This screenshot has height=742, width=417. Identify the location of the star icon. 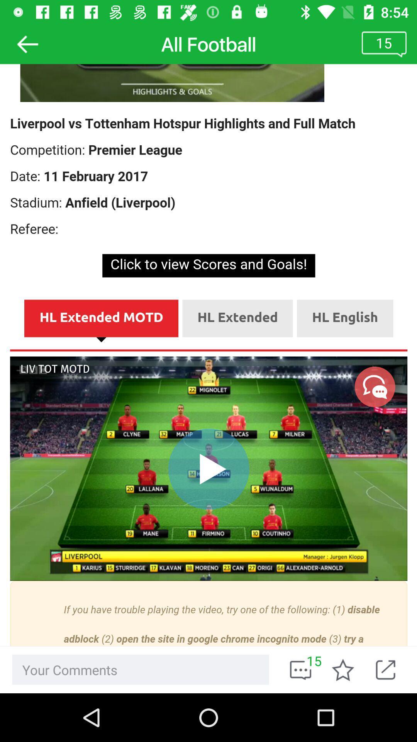
(342, 669).